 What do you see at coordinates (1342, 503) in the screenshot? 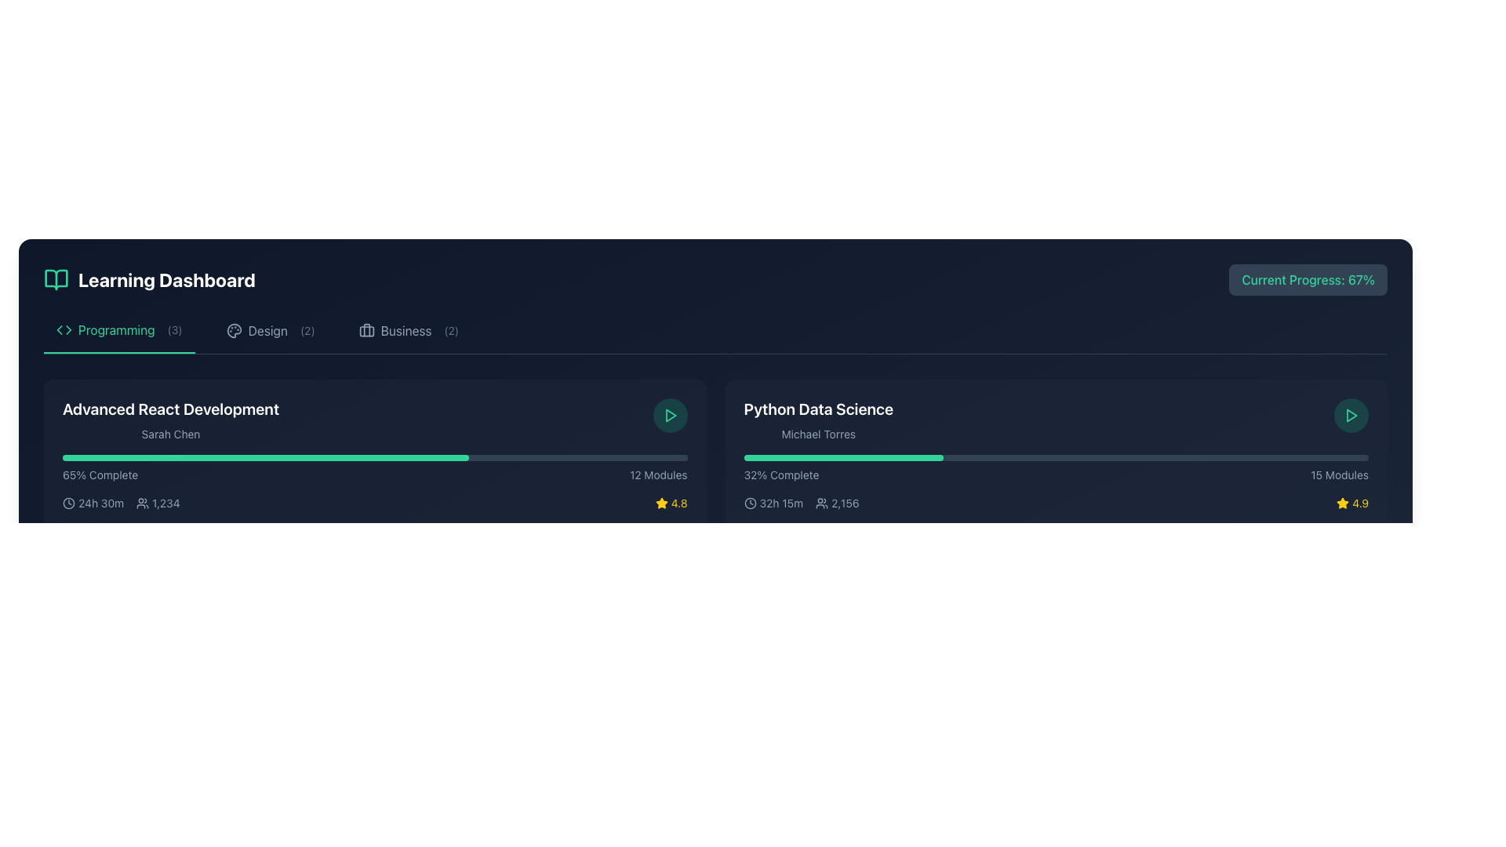
I see `the vibrant yellow star icon located in the bottom-right corner of the second course module, which signifies a rating of '4.9'` at bounding box center [1342, 503].